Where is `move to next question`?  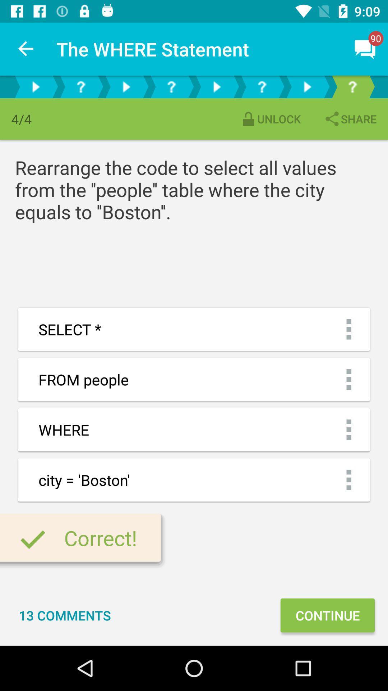
move to next question is located at coordinates (216, 86).